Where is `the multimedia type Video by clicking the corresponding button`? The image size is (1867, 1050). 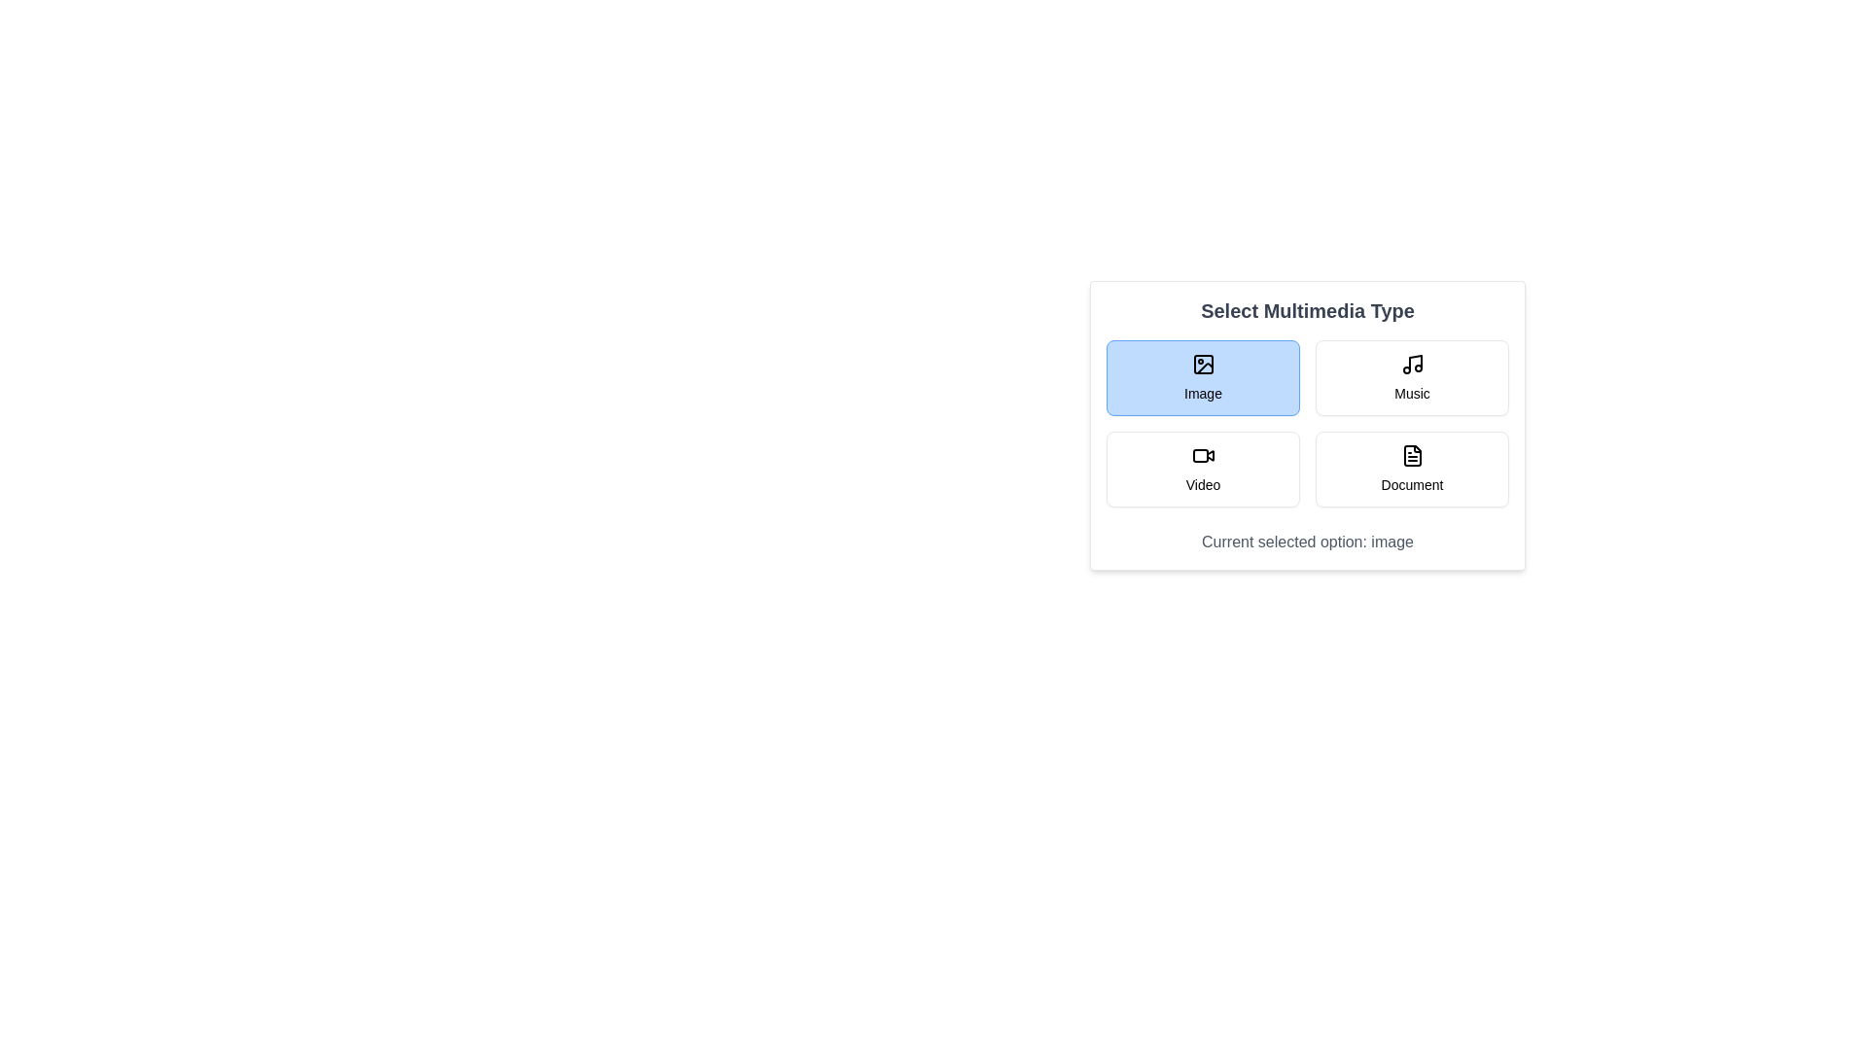
the multimedia type Video by clicking the corresponding button is located at coordinates (1202, 469).